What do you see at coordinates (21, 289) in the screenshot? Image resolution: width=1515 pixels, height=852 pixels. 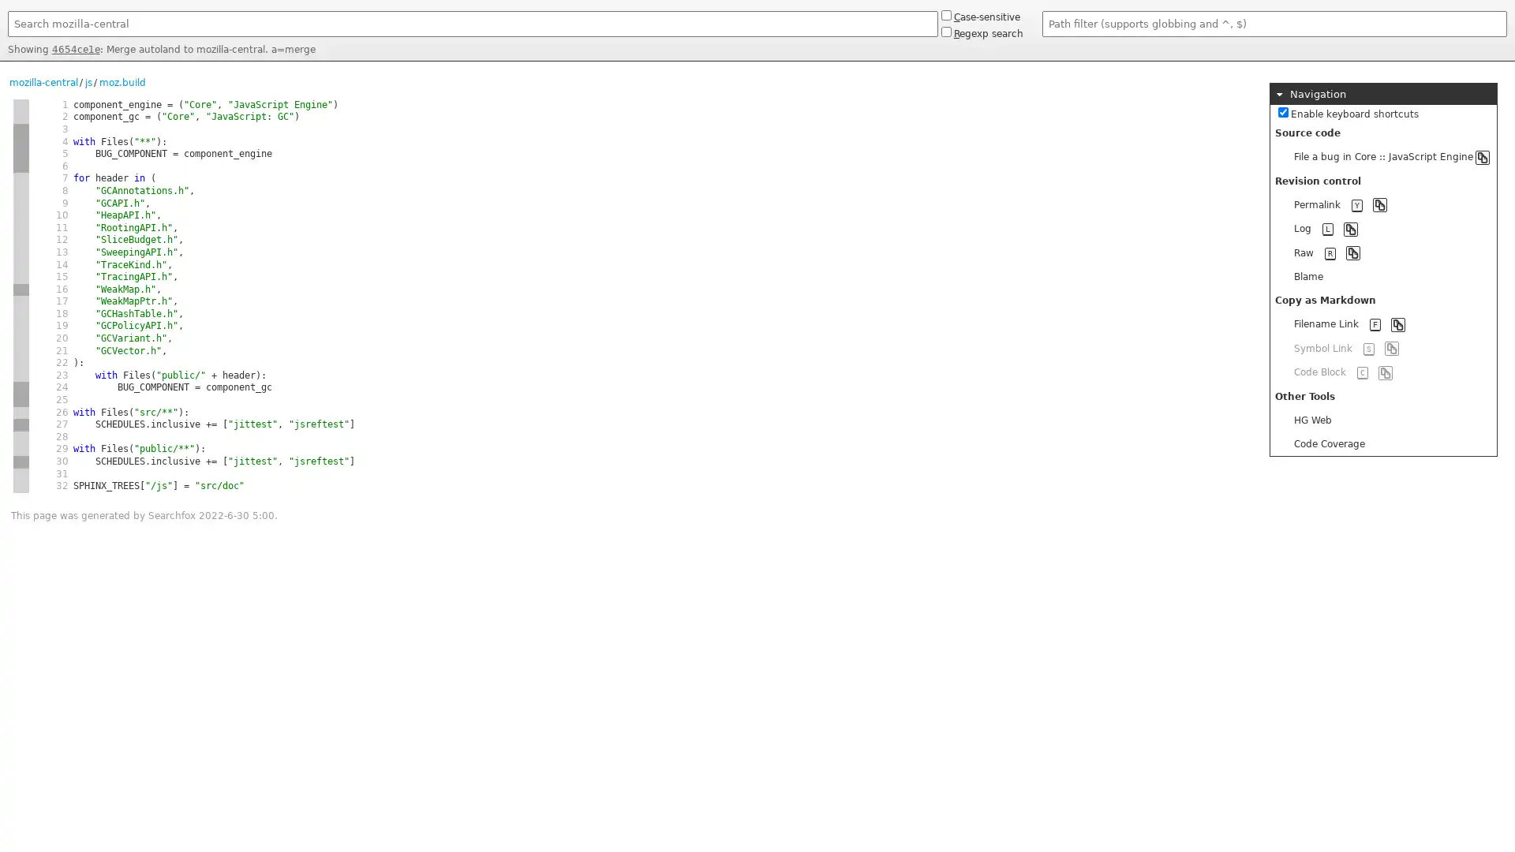 I see `new hash 3` at bounding box center [21, 289].